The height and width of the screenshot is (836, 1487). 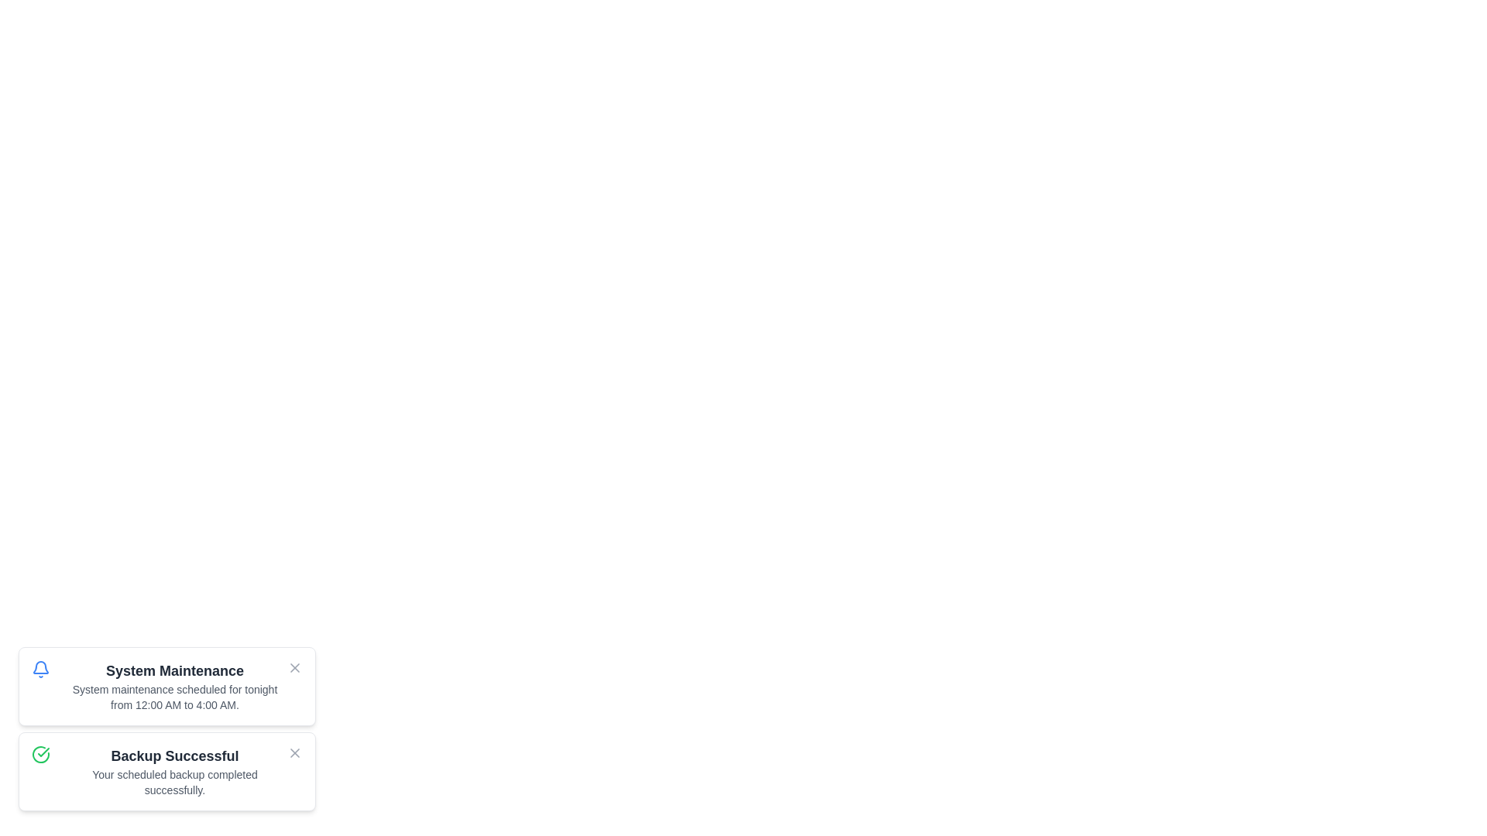 What do you see at coordinates (40, 668) in the screenshot?
I see `the blue bell icon in the notification box titled 'System Maintenance'` at bounding box center [40, 668].